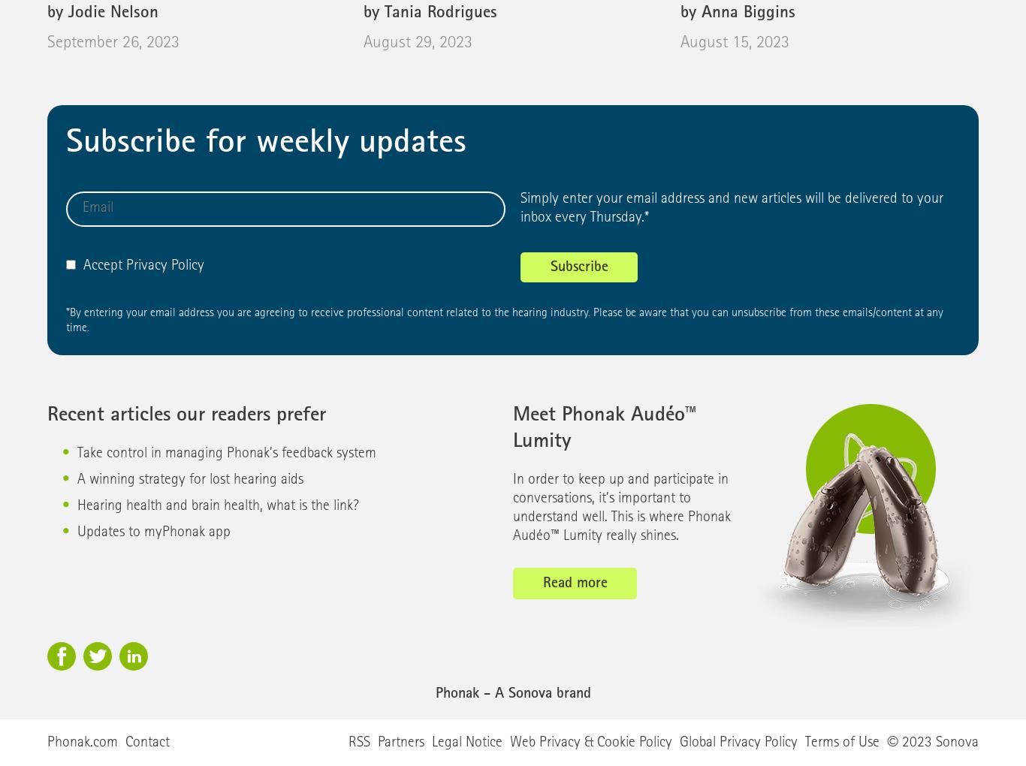  What do you see at coordinates (227, 453) in the screenshot?
I see `'Take control in managing Phonak’s feedback system'` at bounding box center [227, 453].